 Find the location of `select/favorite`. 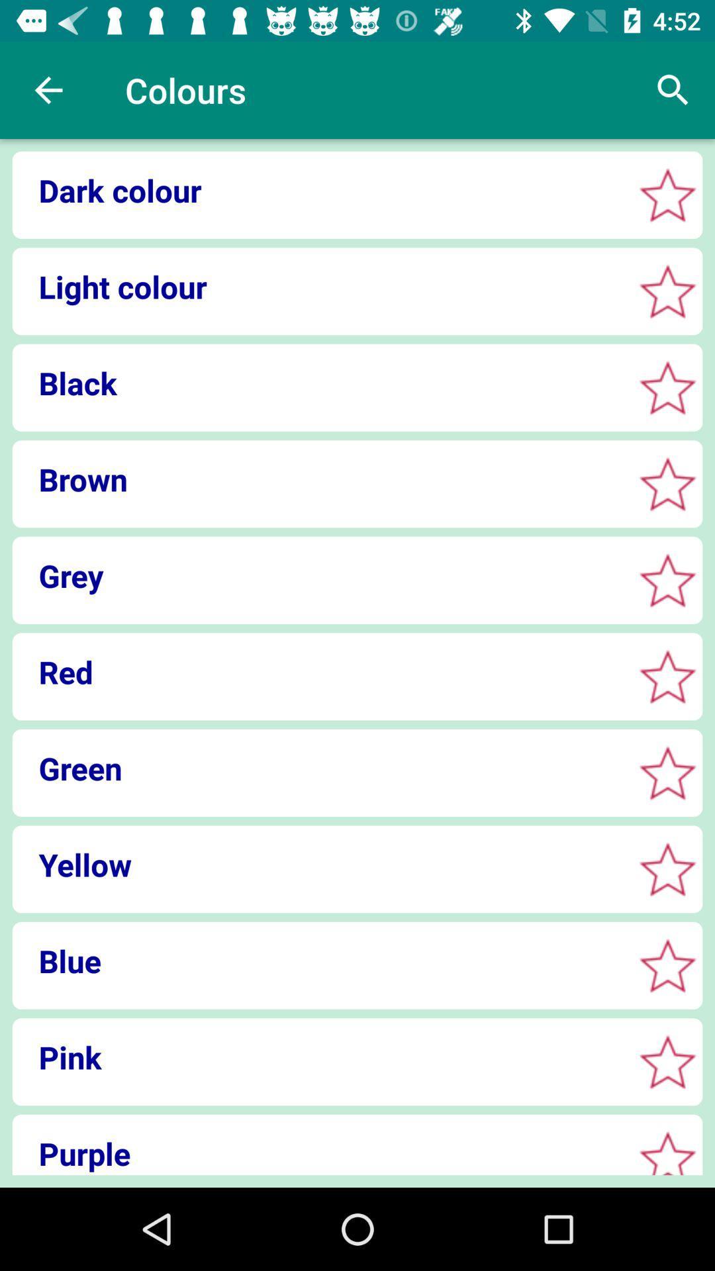

select/favorite is located at coordinates (667, 773).